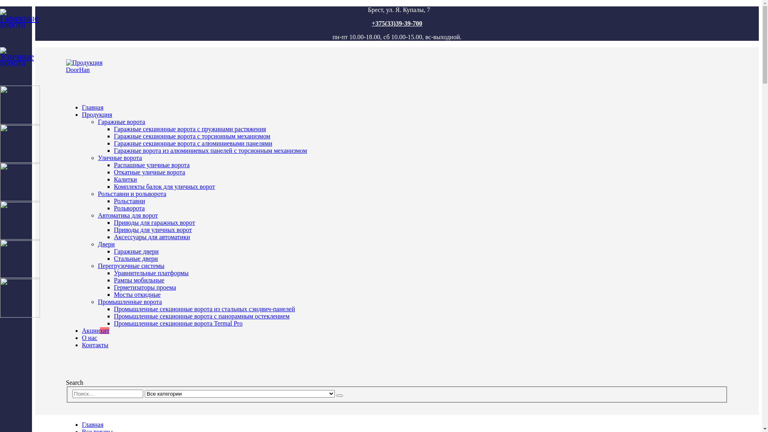  I want to click on 'Search', so click(340, 395).